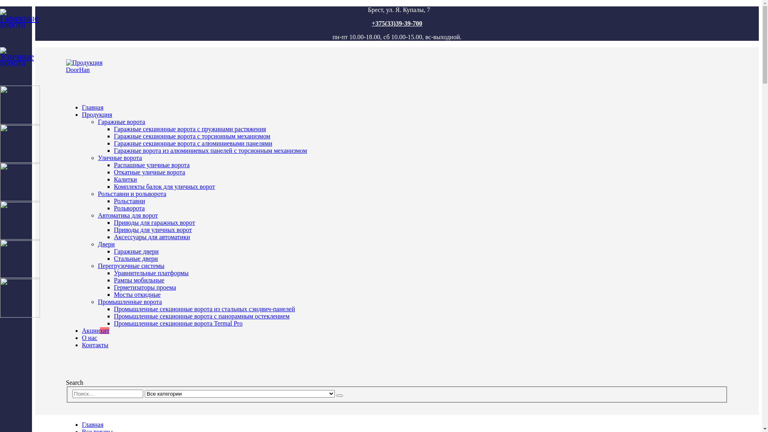  I want to click on 'Search', so click(340, 395).